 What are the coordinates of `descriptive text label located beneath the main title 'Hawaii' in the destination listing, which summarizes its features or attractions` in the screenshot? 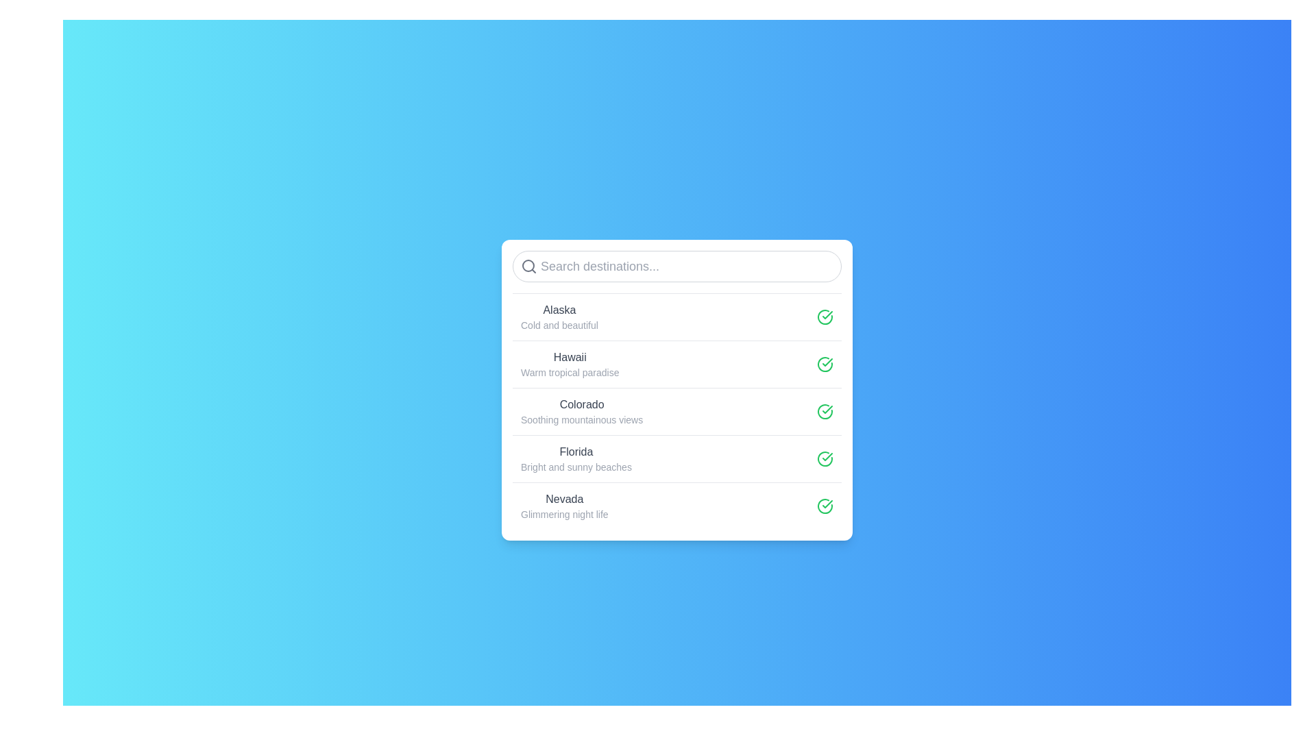 It's located at (570, 372).